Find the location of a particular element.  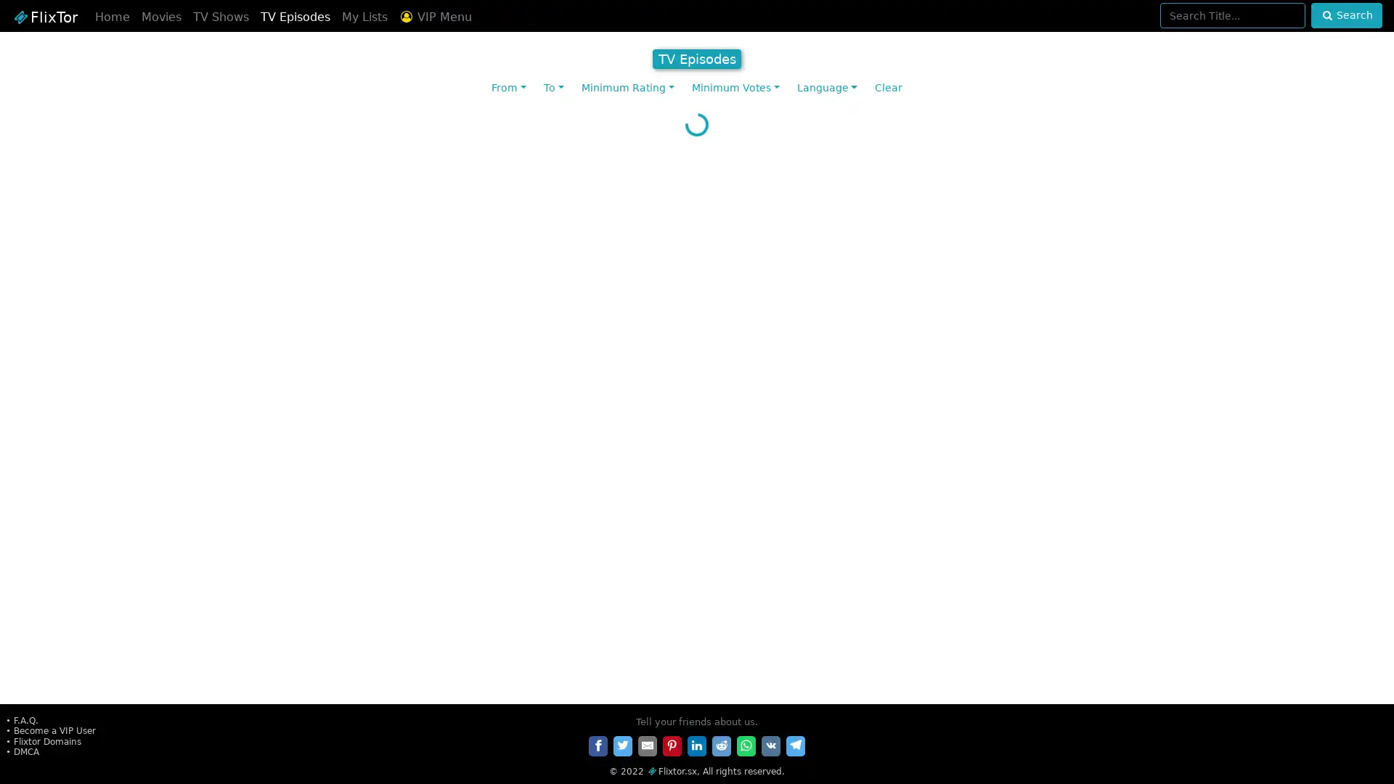

Search is located at coordinates (1345, 15).